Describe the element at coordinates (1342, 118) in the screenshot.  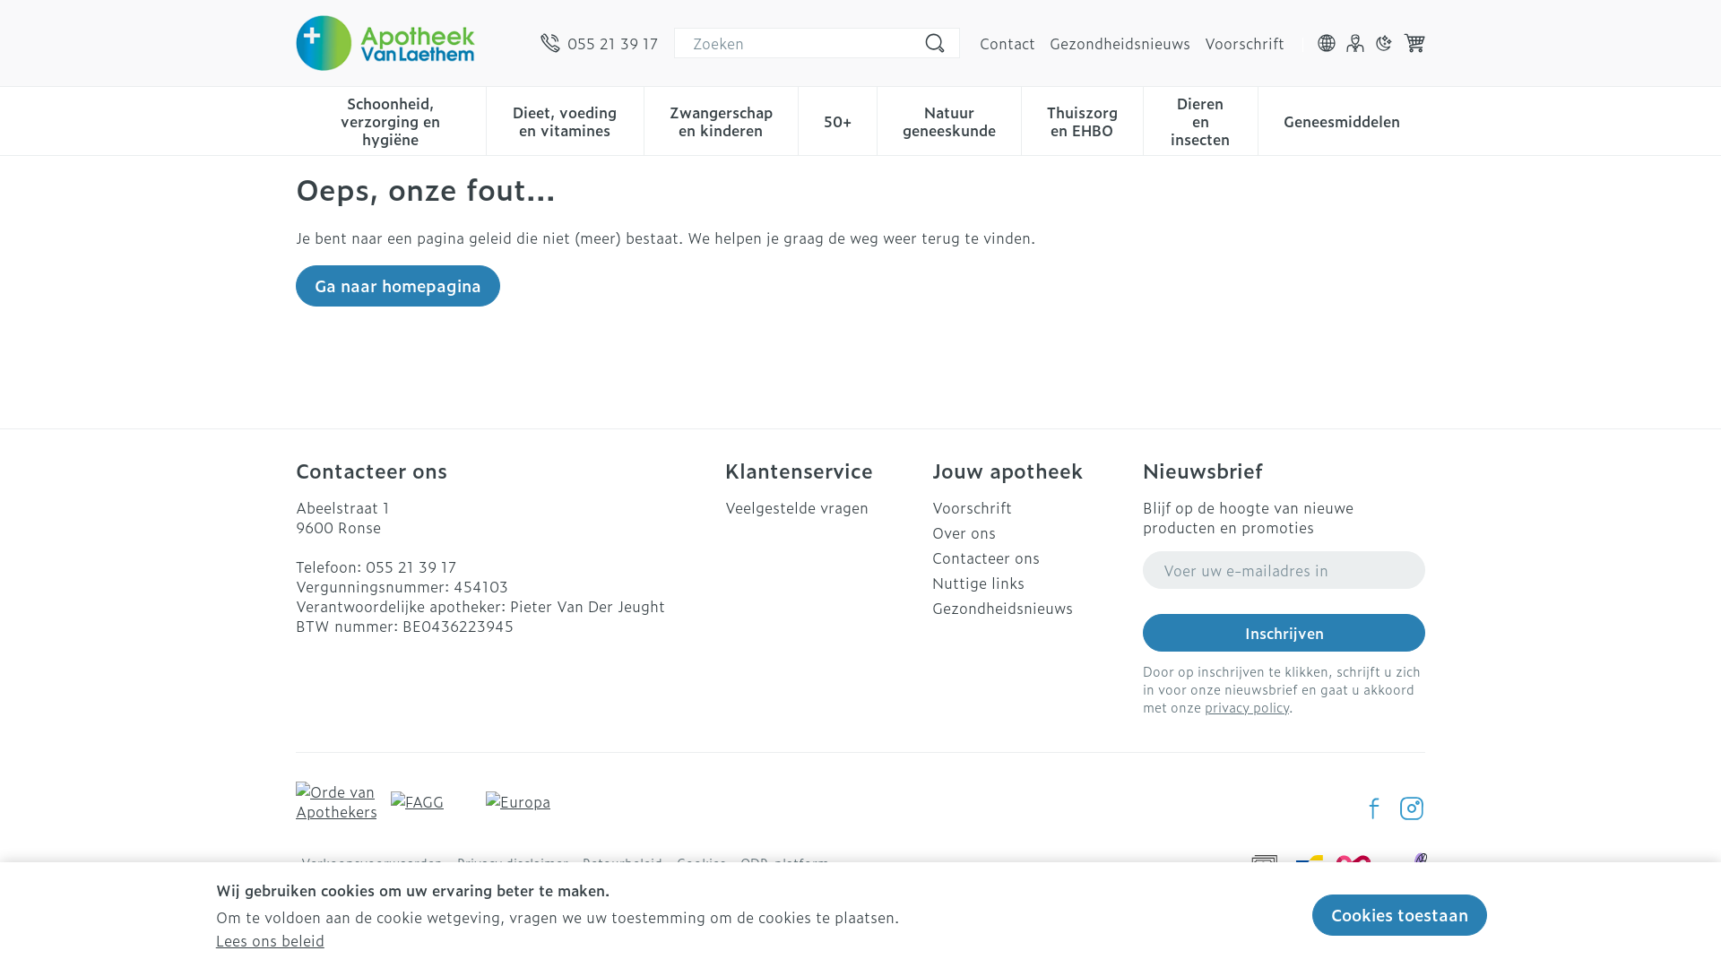
I see `'Geneesmiddelen'` at that location.